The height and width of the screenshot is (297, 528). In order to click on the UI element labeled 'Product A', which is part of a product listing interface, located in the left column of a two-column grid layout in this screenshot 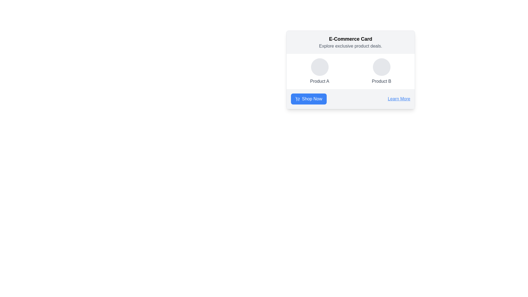, I will do `click(320, 71)`.